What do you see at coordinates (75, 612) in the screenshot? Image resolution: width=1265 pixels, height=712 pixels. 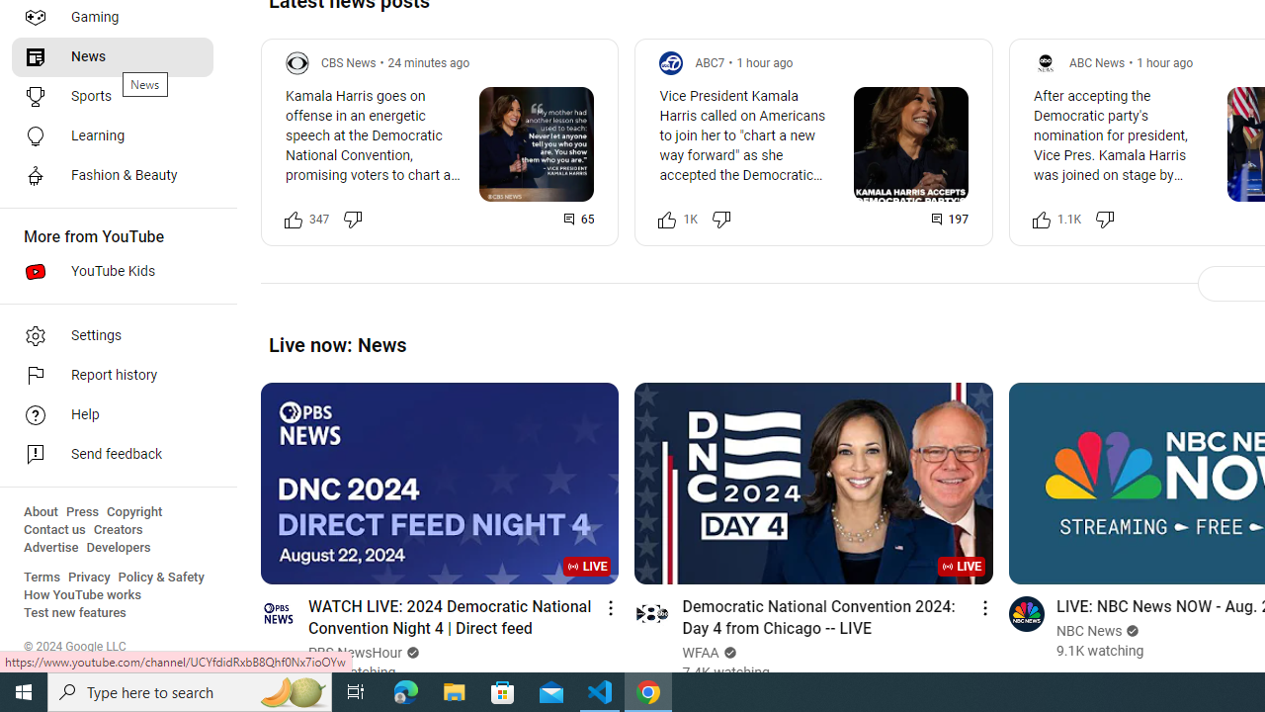 I see `'Test new features'` at bounding box center [75, 612].